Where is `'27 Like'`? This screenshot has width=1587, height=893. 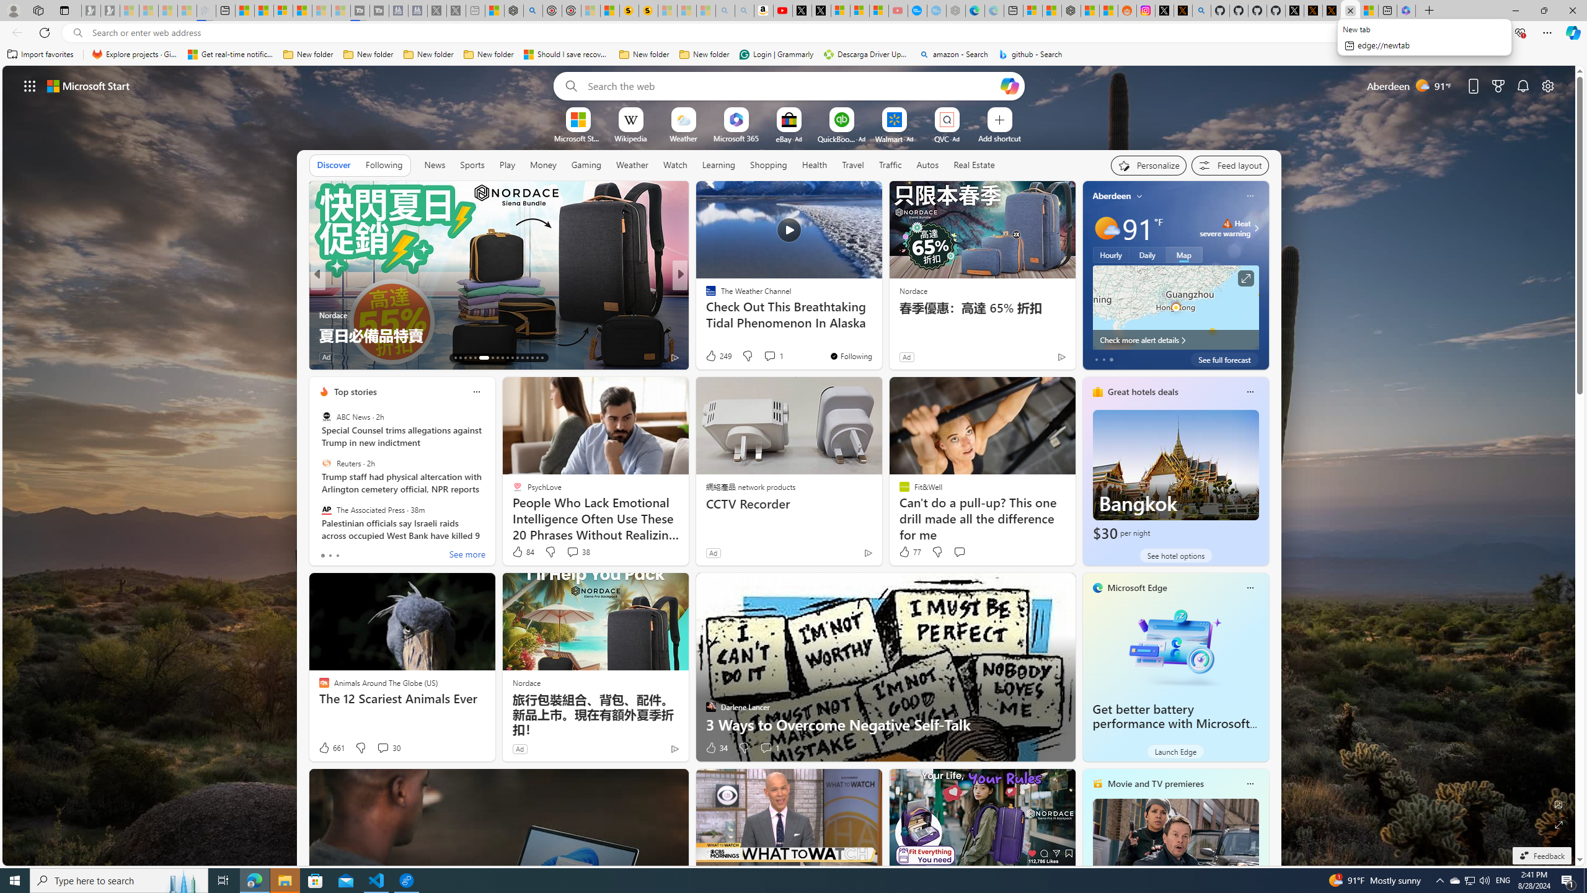 '27 Like' is located at coordinates (711, 357).